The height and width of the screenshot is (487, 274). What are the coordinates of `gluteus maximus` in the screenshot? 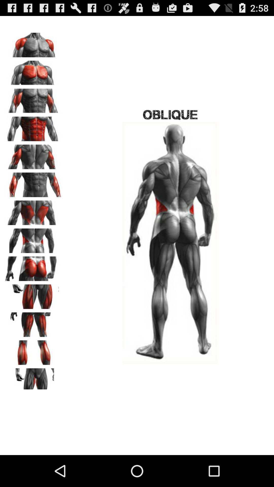 It's located at (33, 267).